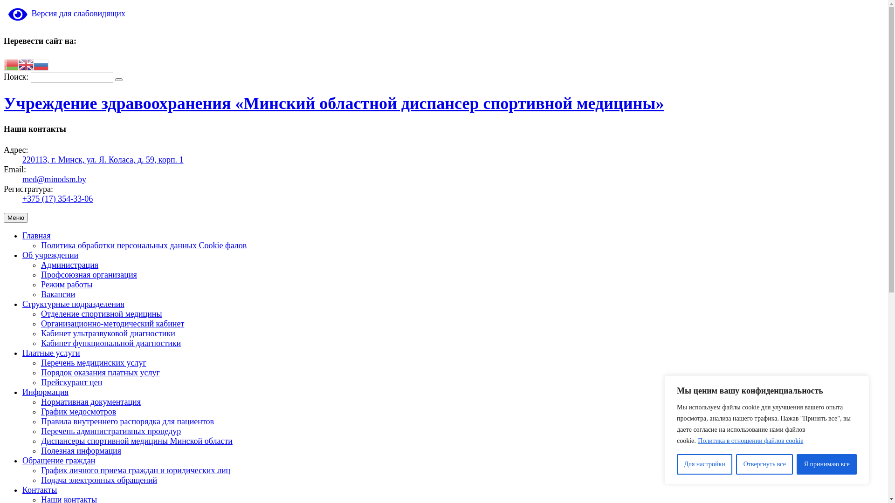 The width and height of the screenshot is (895, 503). Describe the element at coordinates (4, 63) in the screenshot. I see `'Belarusian'` at that location.